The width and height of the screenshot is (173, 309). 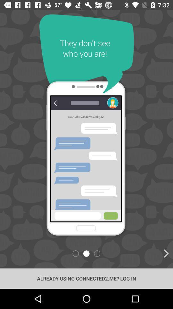 What do you see at coordinates (135, 253) in the screenshot?
I see `the icon above already using connected2 item` at bounding box center [135, 253].